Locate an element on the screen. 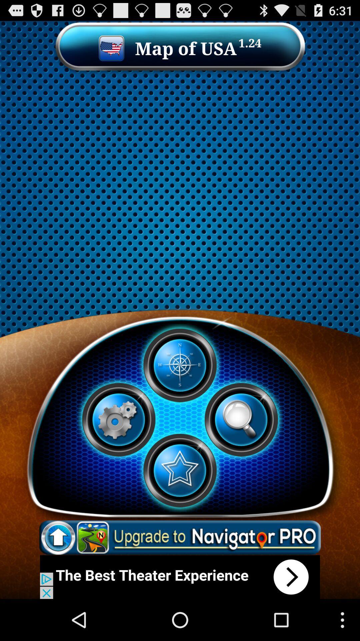 This screenshot has height=641, width=360. use compass is located at coordinates (179, 365).